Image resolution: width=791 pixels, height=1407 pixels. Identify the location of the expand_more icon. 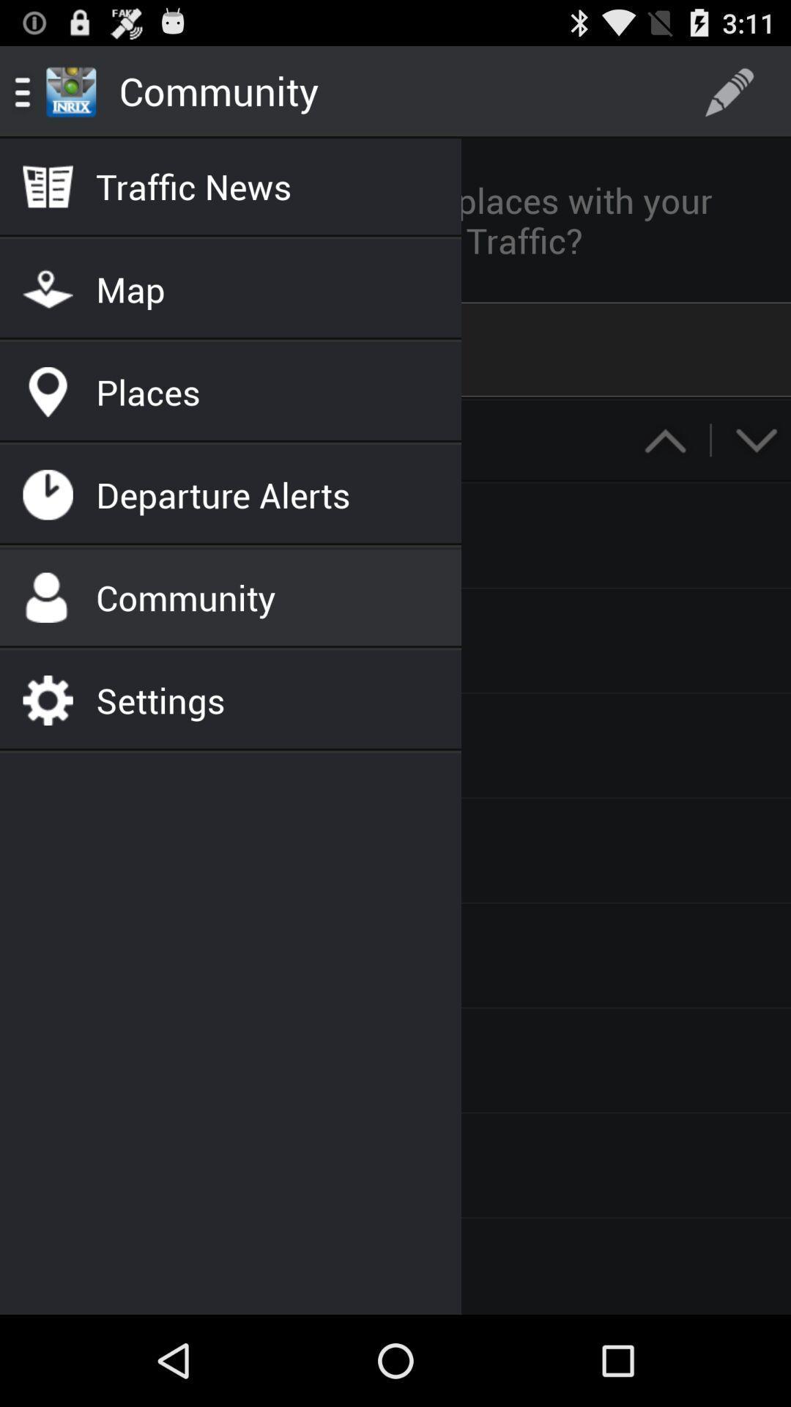
(756, 471).